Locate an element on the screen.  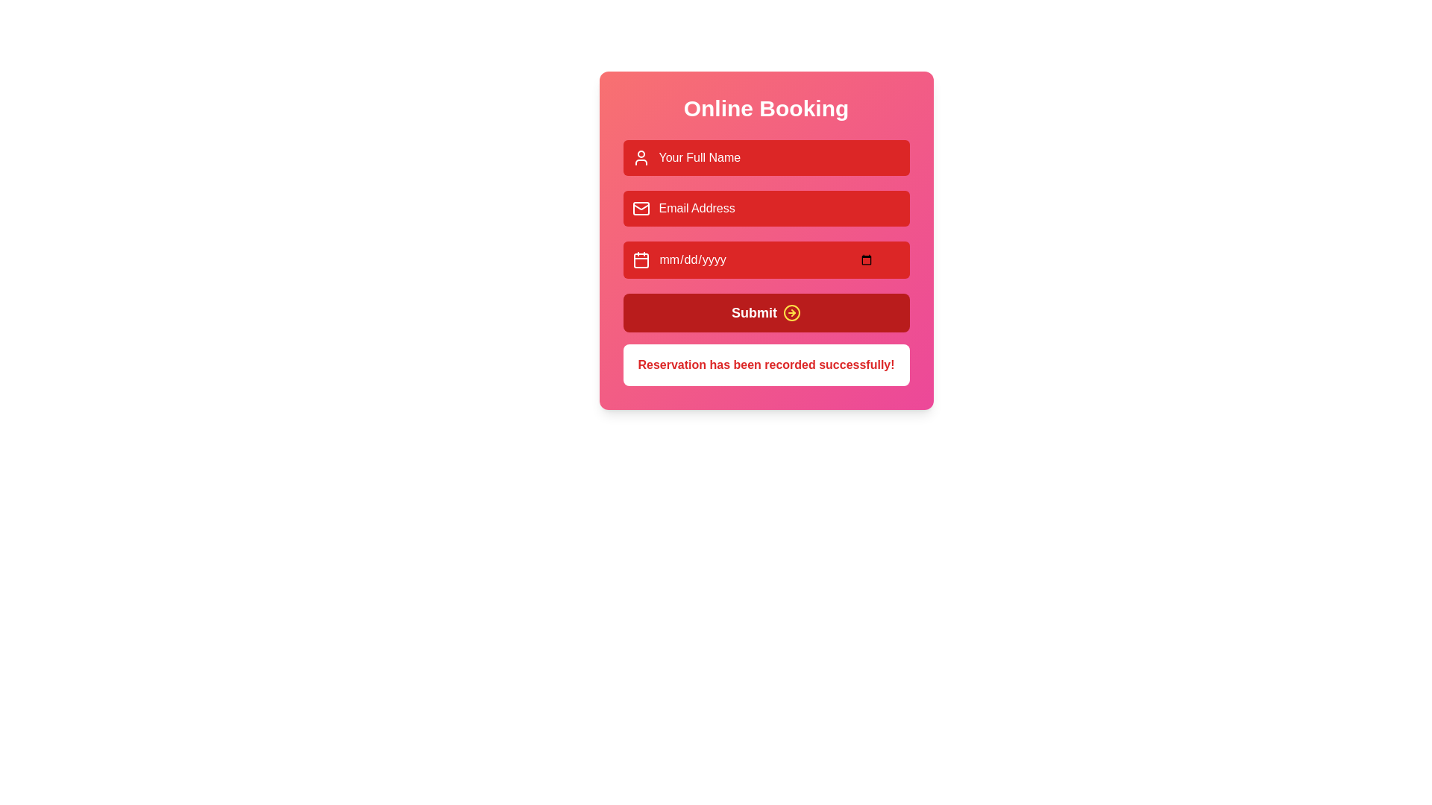
the button designed to submit the form data is located at coordinates (766, 312).